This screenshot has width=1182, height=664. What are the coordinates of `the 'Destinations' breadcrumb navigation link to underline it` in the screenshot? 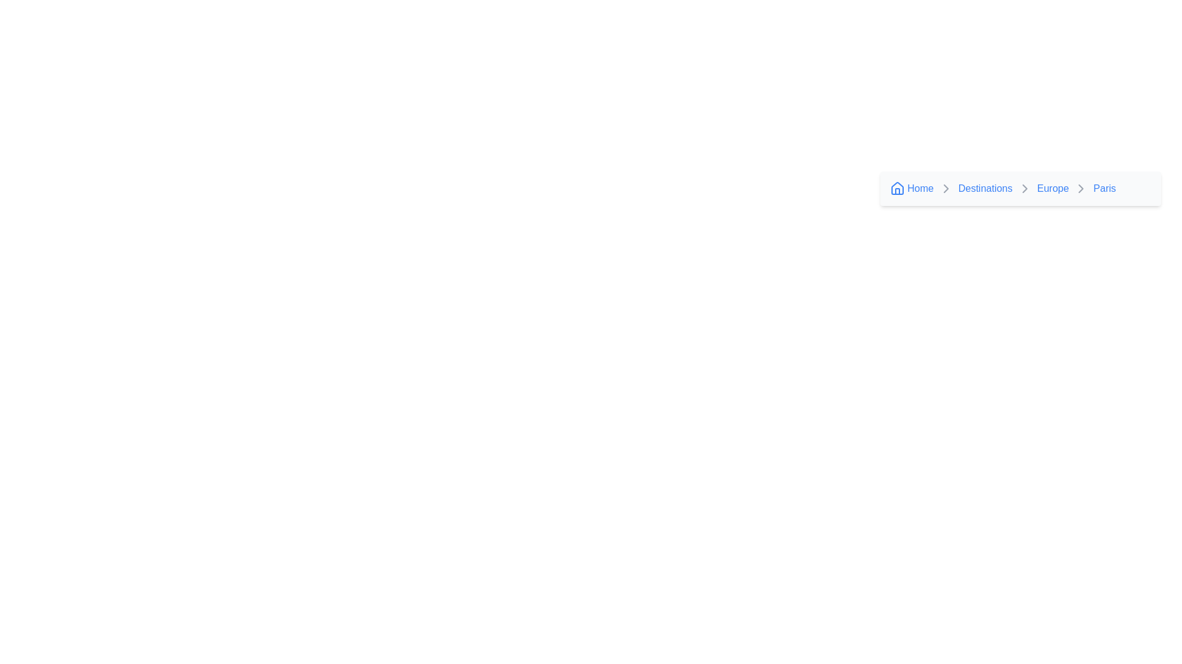 It's located at (997, 189).